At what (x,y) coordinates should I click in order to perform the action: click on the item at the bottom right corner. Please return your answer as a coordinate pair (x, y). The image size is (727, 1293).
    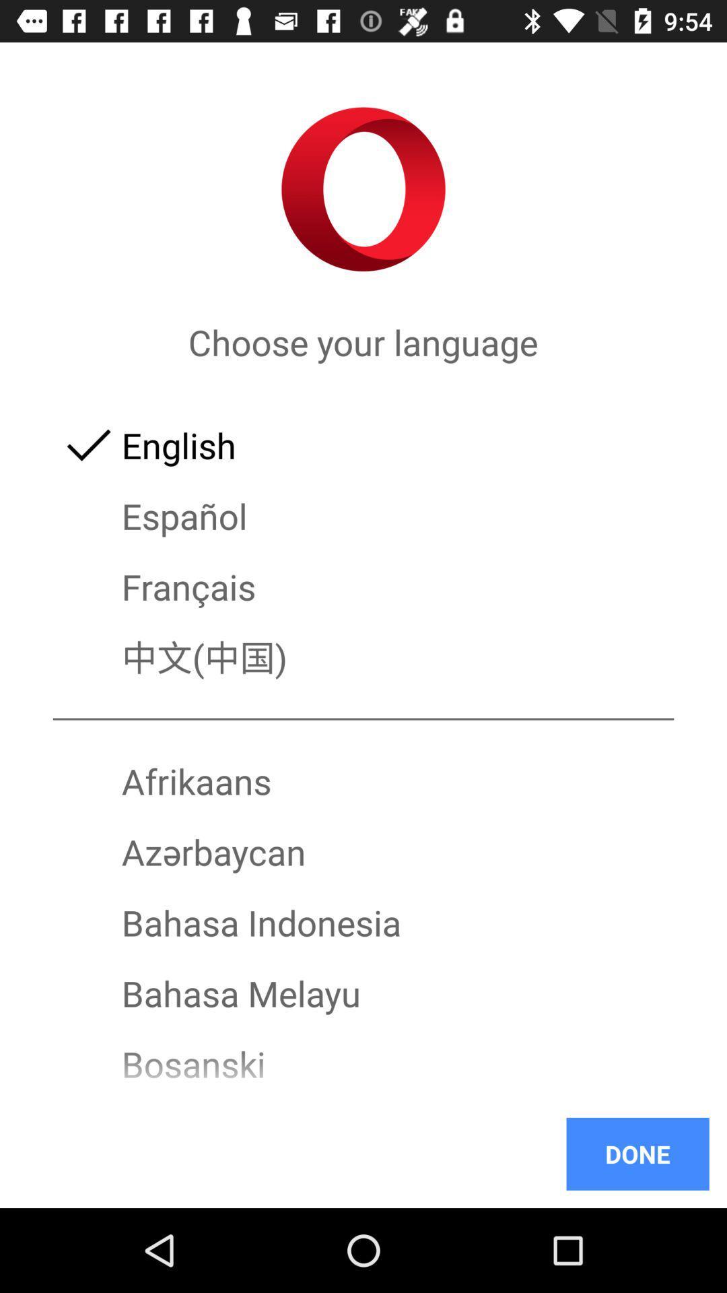
    Looking at the image, I should click on (637, 1153).